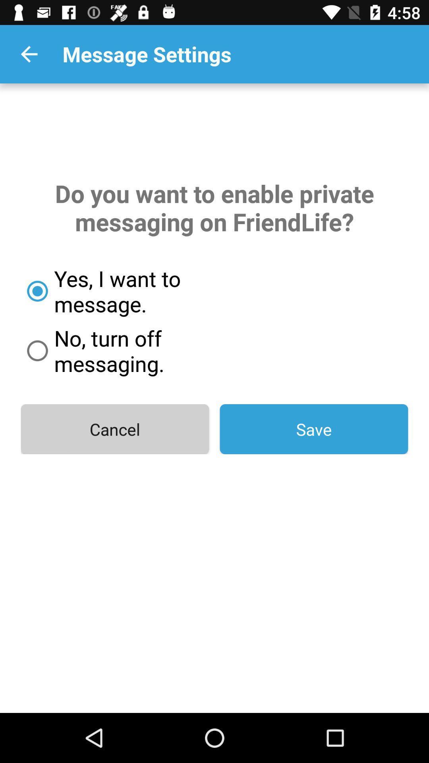 This screenshot has height=763, width=429. I want to click on the item to the left of the save icon, so click(115, 429).